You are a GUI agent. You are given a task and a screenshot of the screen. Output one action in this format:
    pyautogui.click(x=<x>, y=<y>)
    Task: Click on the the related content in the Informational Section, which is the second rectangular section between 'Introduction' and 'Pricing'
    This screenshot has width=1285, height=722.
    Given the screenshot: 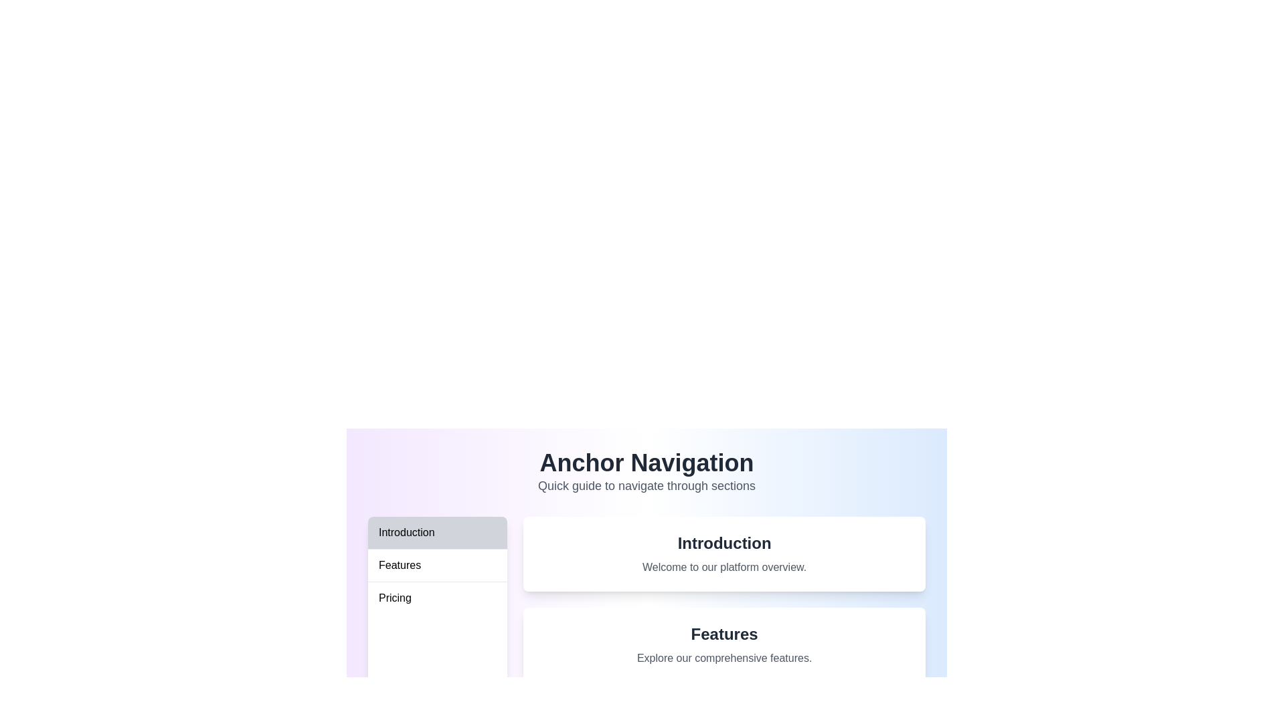 What is the action you would take?
    pyautogui.click(x=723, y=644)
    